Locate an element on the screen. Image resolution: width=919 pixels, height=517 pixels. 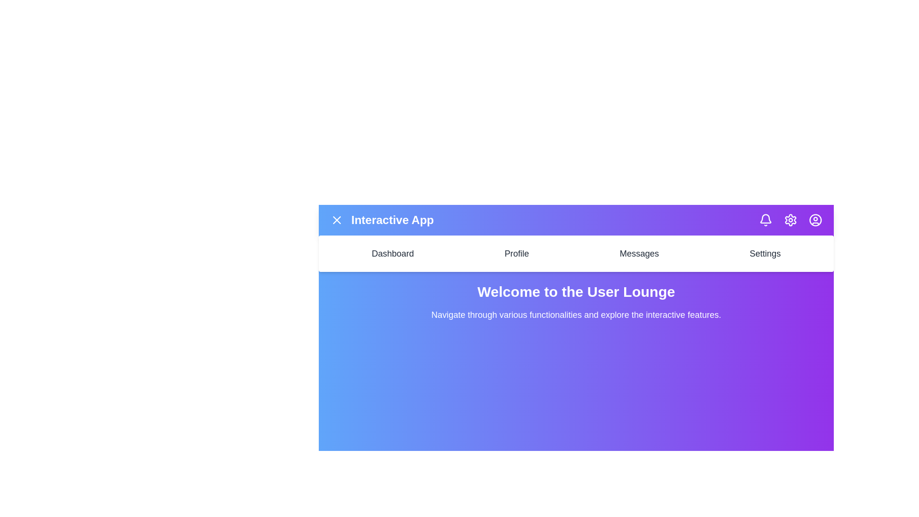
the notification icon to view notifications is located at coordinates (765, 220).